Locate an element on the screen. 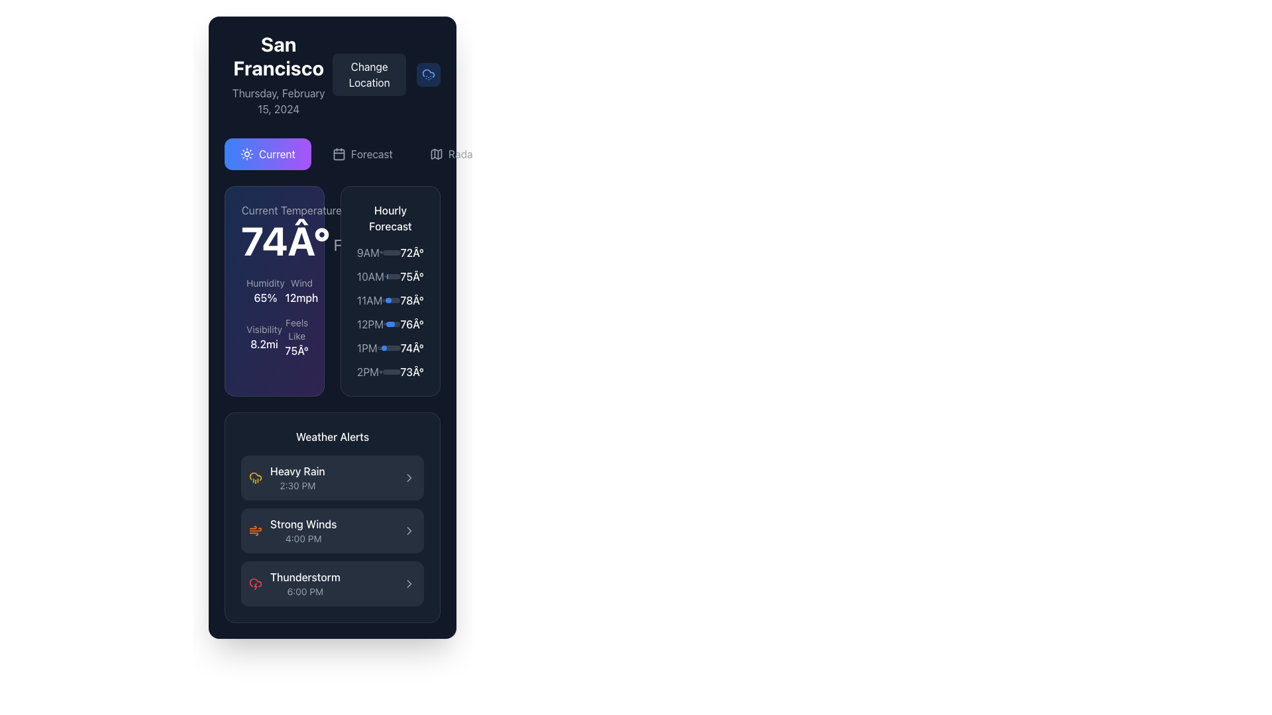 The width and height of the screenshot is (1272, 715). progress bar located centrally in the hourly forecast section, which has a gray background and a blue segment indicating progress is located at coordinates (391, 252).